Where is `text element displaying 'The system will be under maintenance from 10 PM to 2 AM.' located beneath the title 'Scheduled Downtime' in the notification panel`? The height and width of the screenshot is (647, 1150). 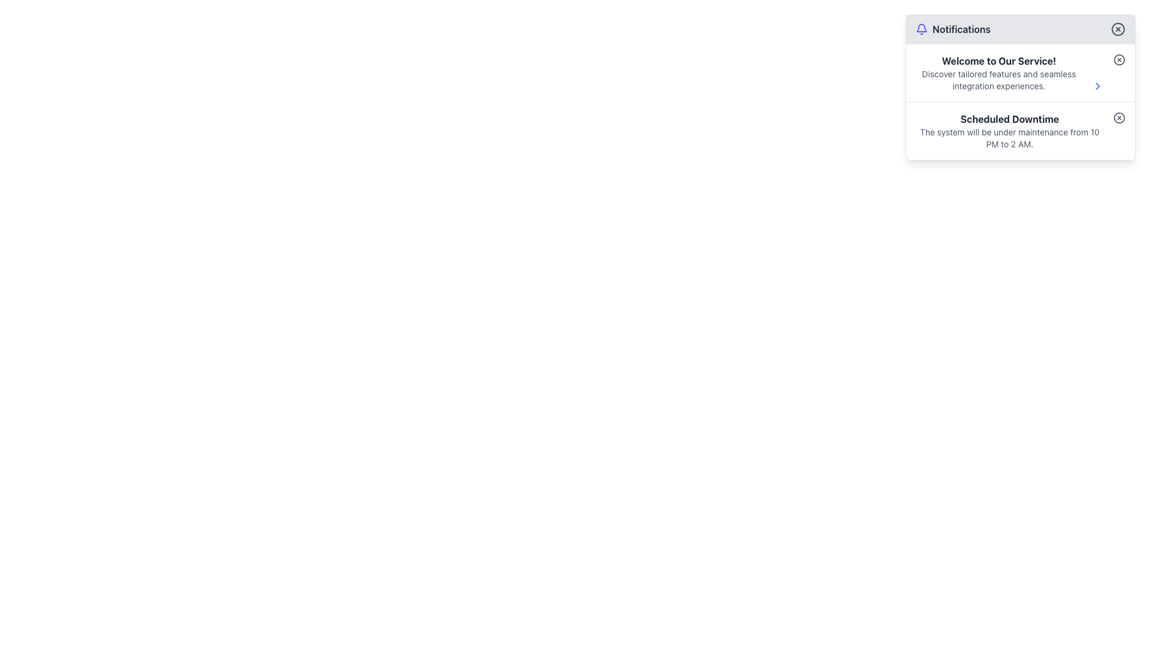
text element displaying 'The system will be under maintenance from 10 PM to 2 AM.' located beneath the title 'Scheduled Downtime' in the notification panel is located at coordinates (1009, 138).